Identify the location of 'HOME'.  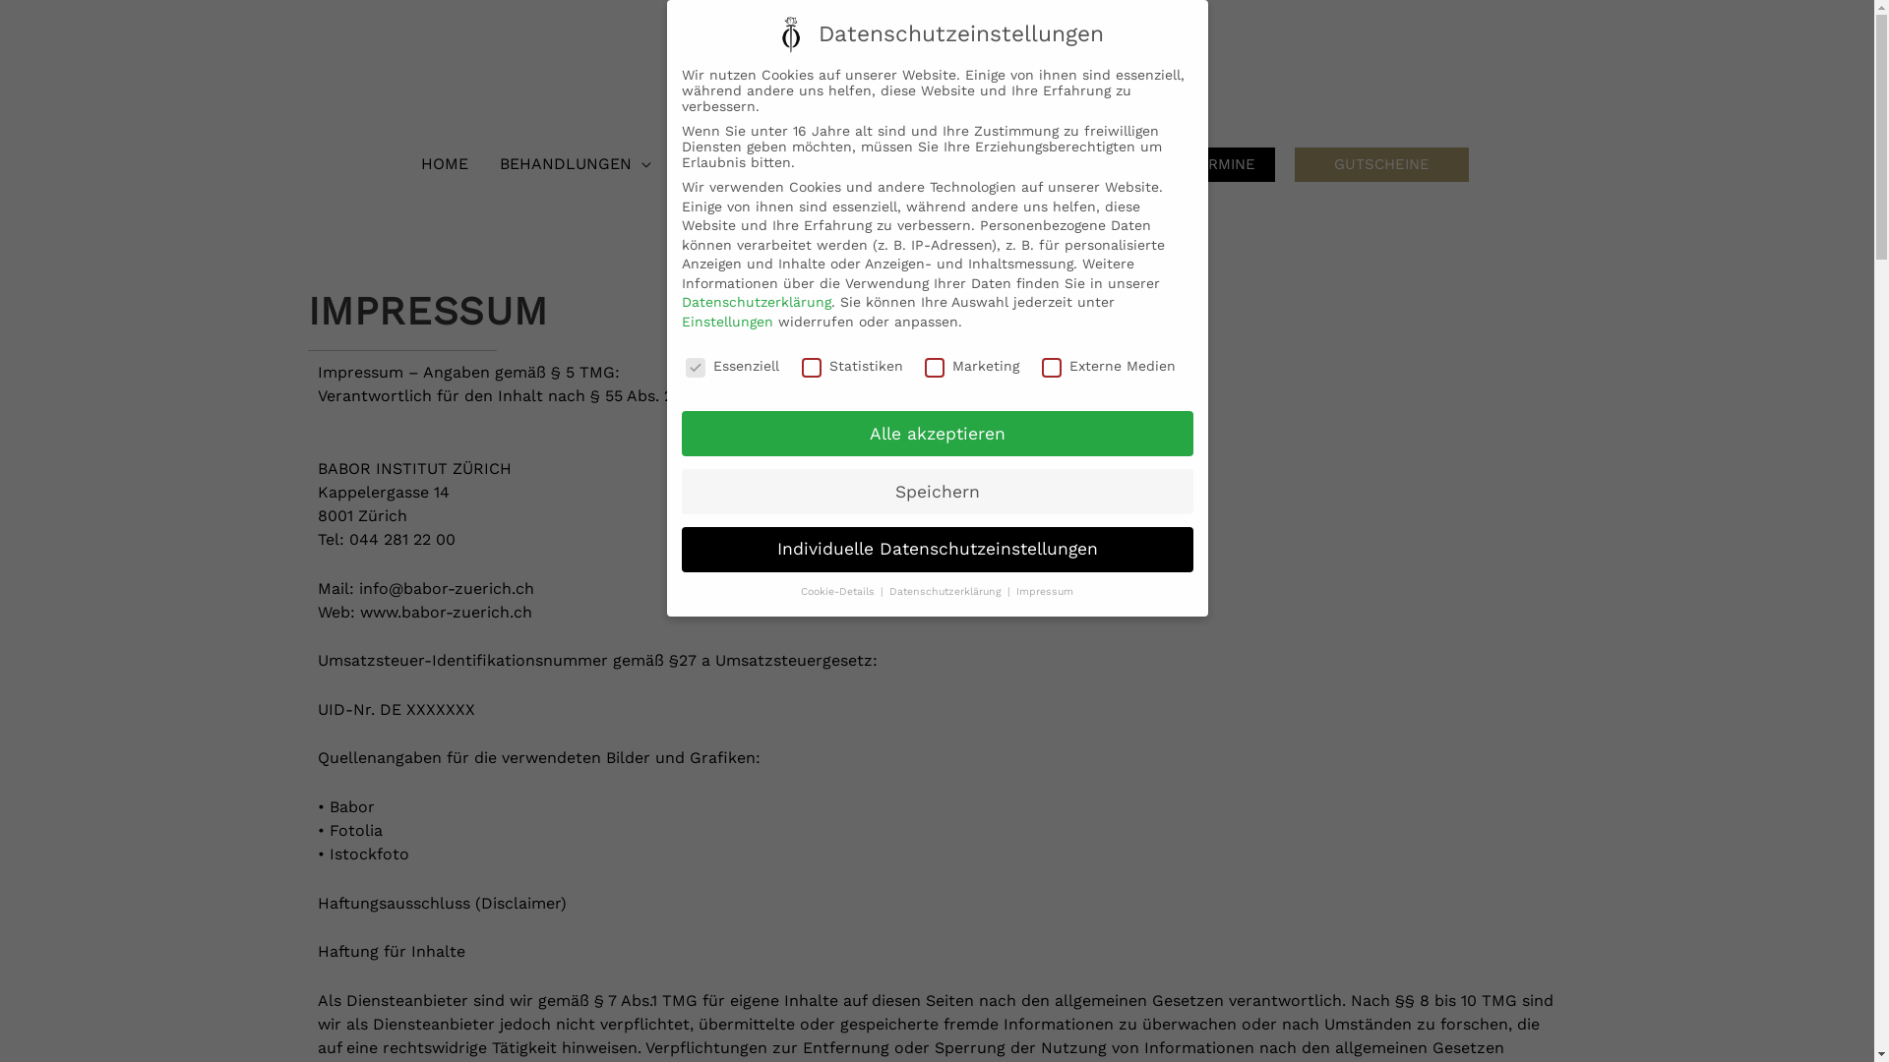
(443, 162).